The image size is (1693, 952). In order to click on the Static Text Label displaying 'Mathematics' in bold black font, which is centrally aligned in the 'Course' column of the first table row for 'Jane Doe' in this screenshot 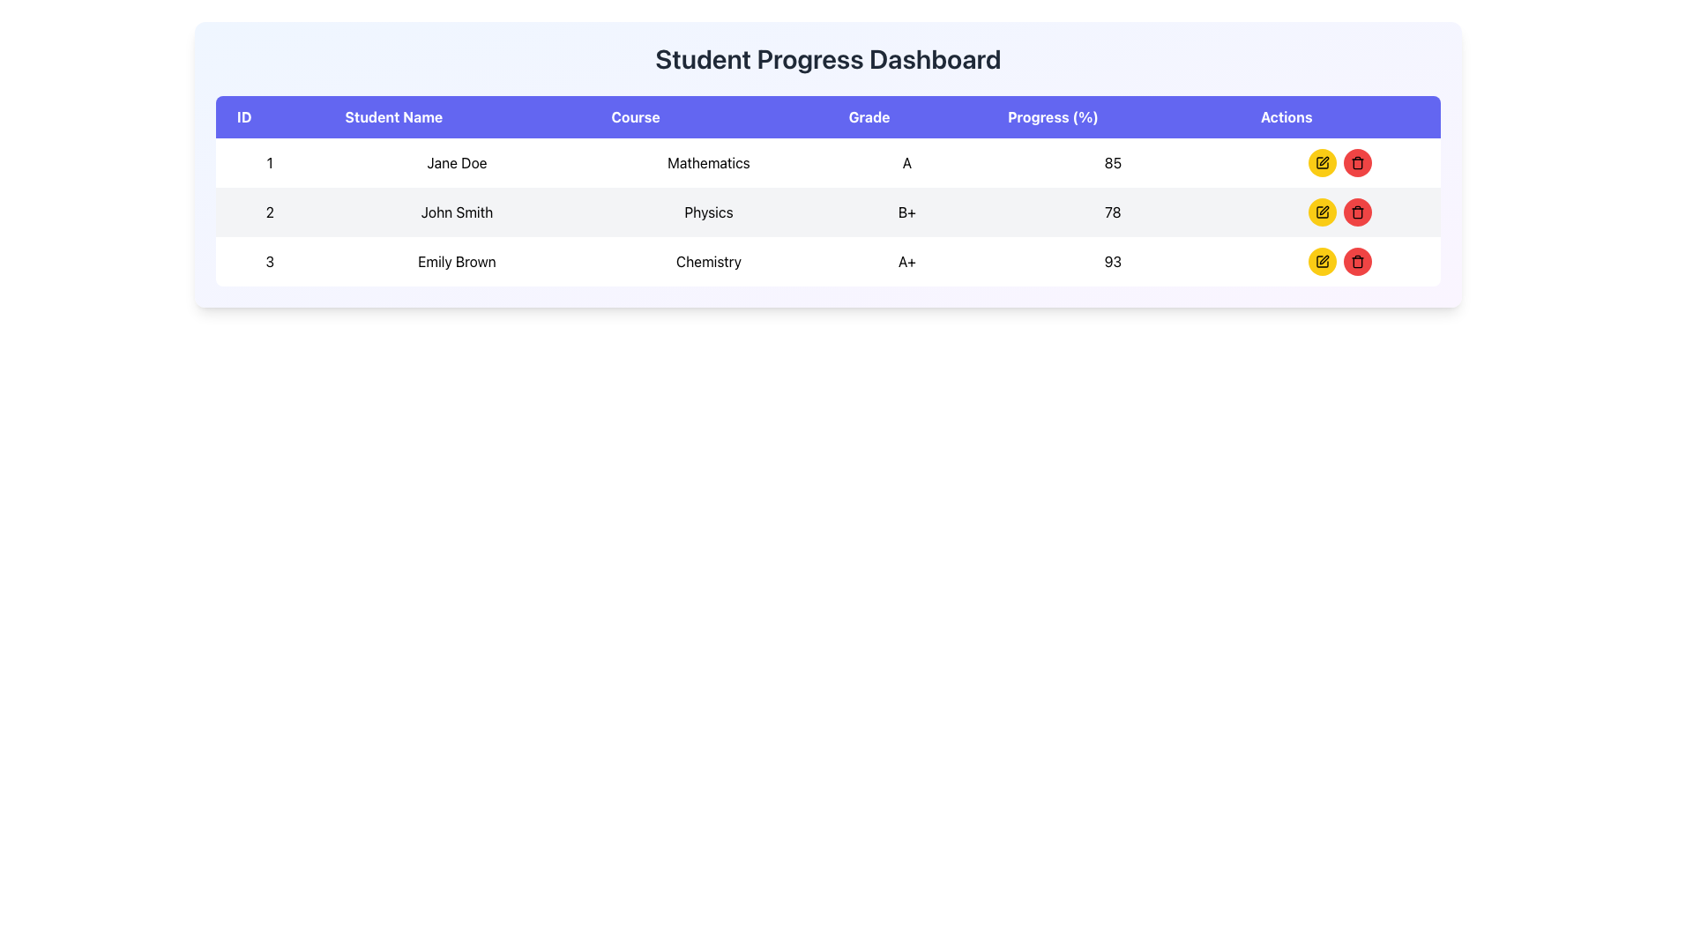, I will do `click(709, 163)`.